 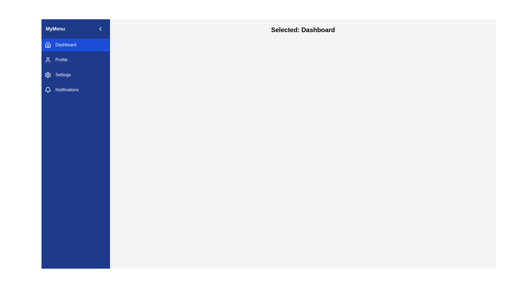 I want to click on the gear-shaped icon in the blue sidebar menu, so click(x=48, y=75).